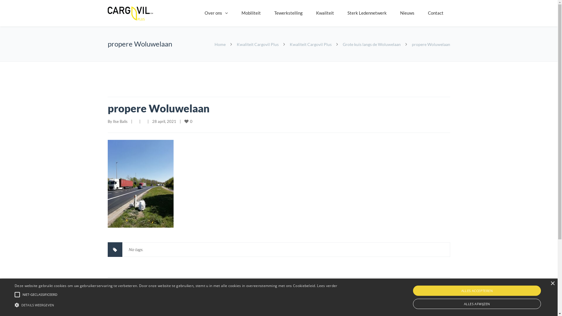 The image size is (562, 316). I want to click on 'Cargovil vzw', so click(130, 13).